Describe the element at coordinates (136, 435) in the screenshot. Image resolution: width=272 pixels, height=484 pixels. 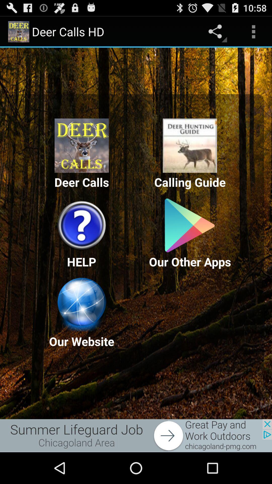
I see `advertisement` at that location.